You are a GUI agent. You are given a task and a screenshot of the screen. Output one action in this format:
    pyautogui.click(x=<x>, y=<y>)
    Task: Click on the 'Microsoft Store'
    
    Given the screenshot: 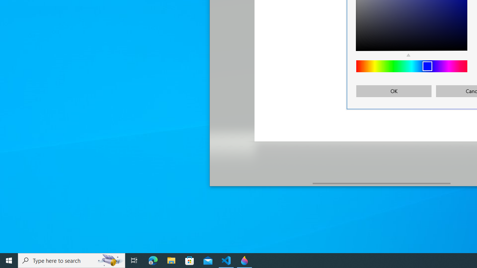 What is the action you would take?
    pyautogui.click(x=190, y=260)
    